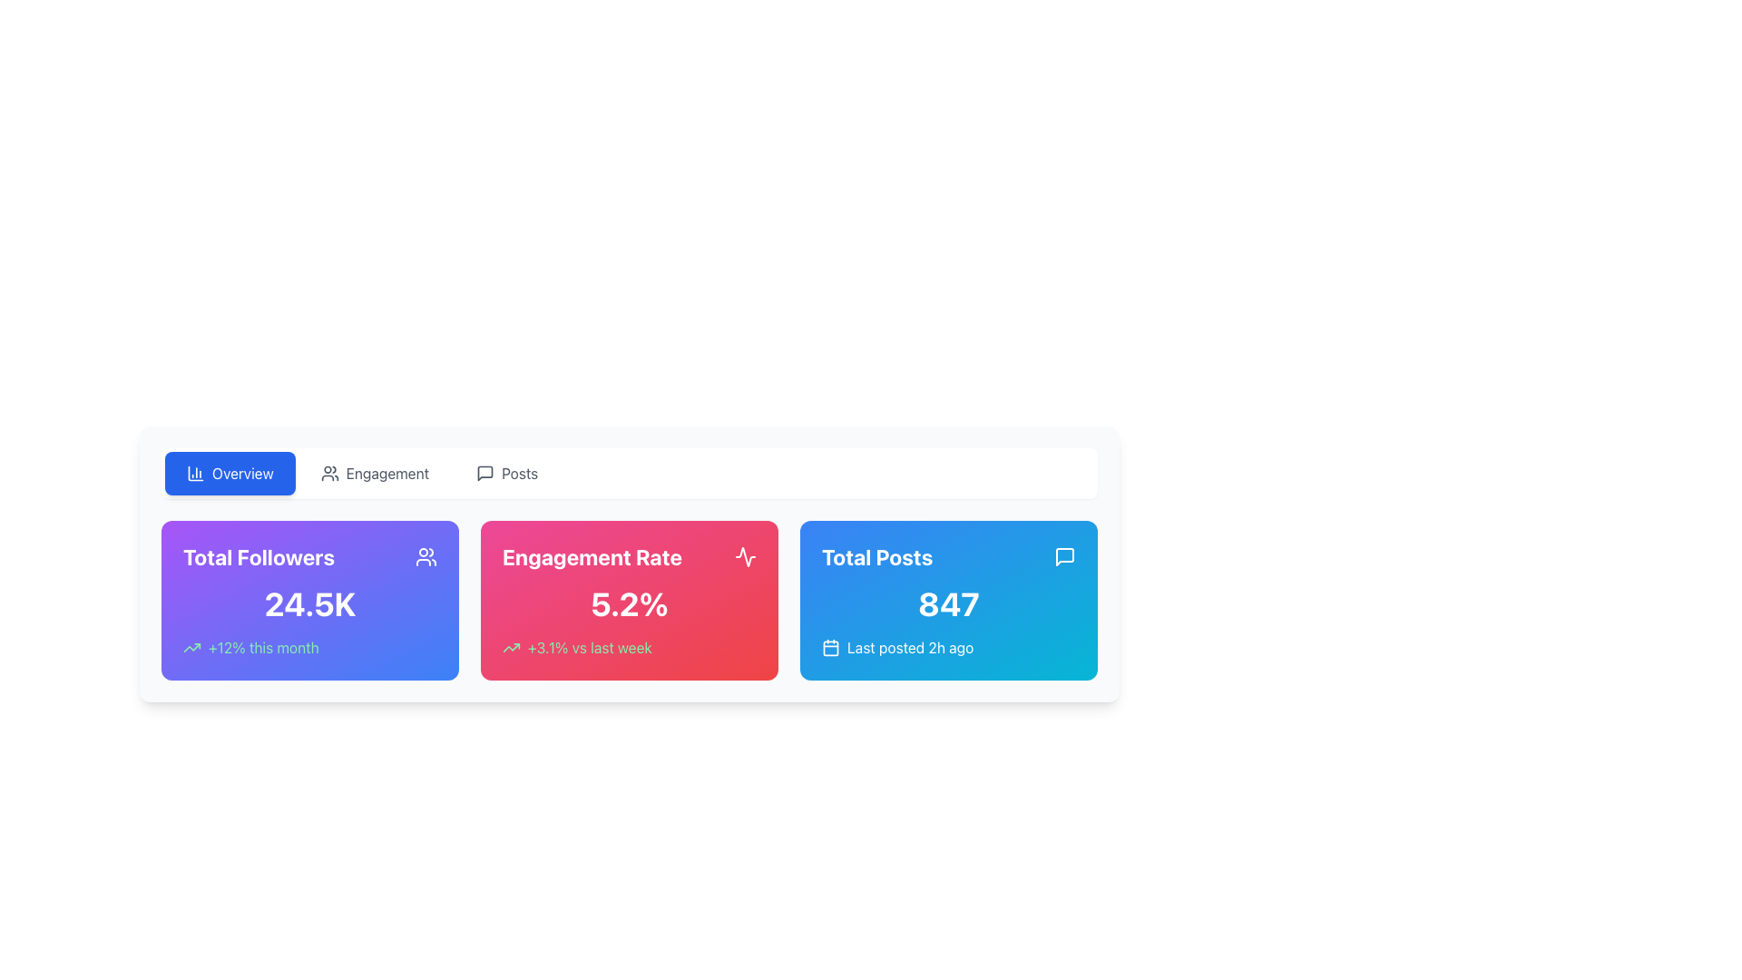 The image size is (1742, 980). I want to click on the graphical SVG icon located at the top-right corner of the 'Engagement Rate' card, which symbolizes activity or performance metrics, so click(745, 555).